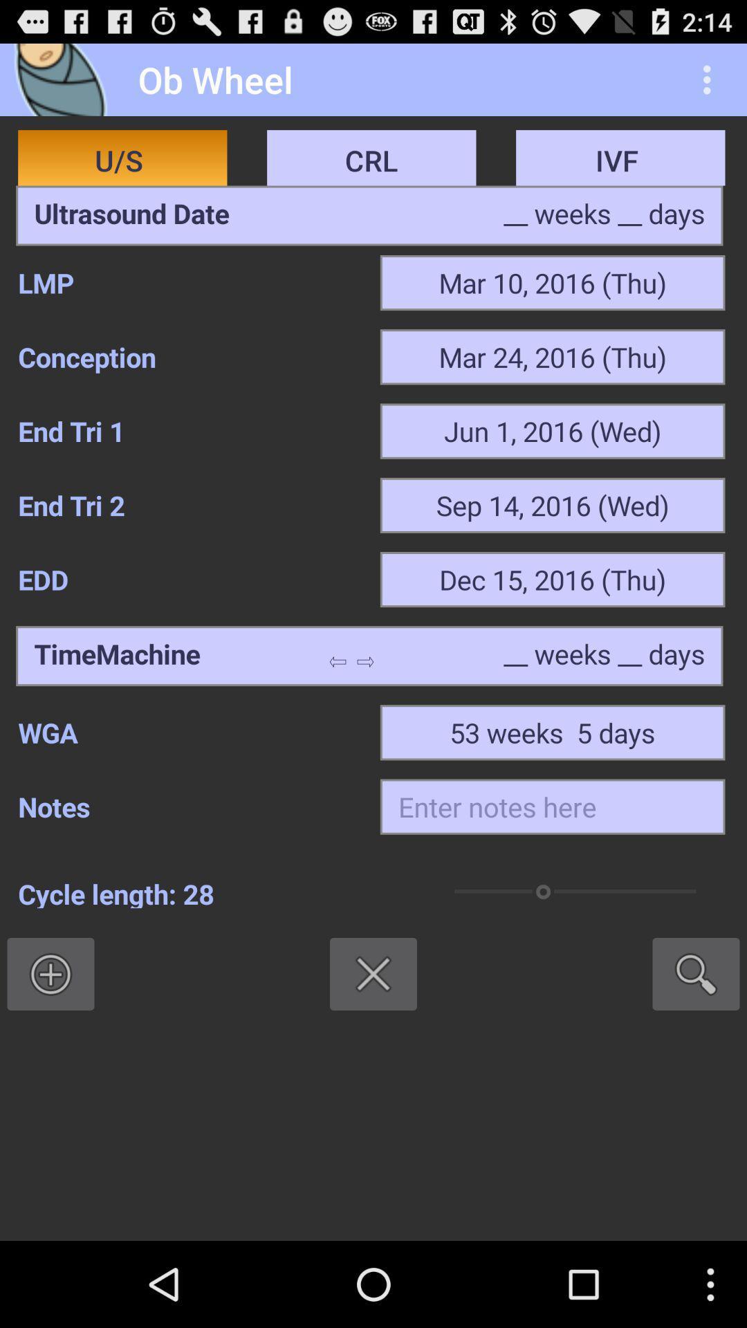 This screenshot has width=747, height=1328. I want to click on the add icon, so click(50, 1042).